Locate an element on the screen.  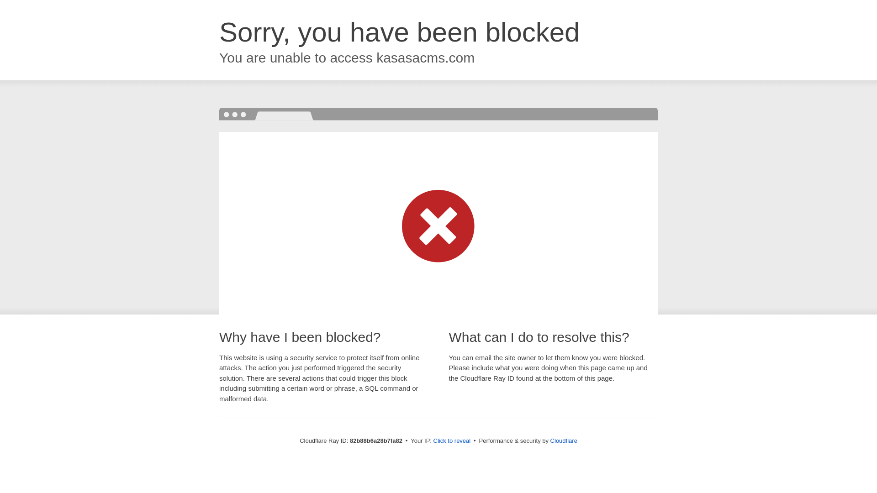
'Click to reveal' is located at coordinates (452, 440).